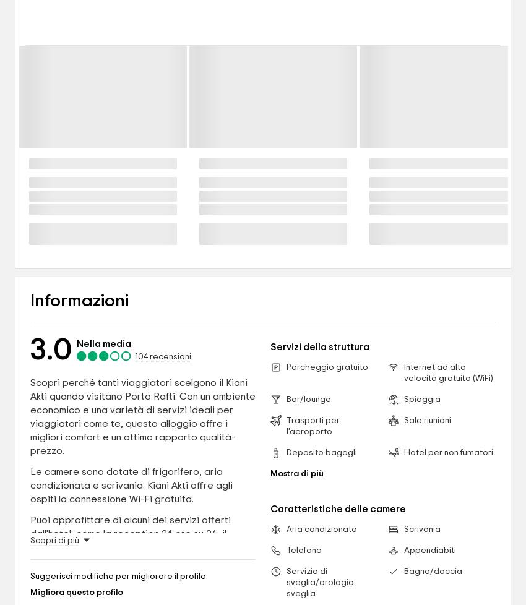 The height and width of the screenshot is (605, 526). I want to click on 'Servizio di sveglia/orologio sveglia', so click(319, 582).